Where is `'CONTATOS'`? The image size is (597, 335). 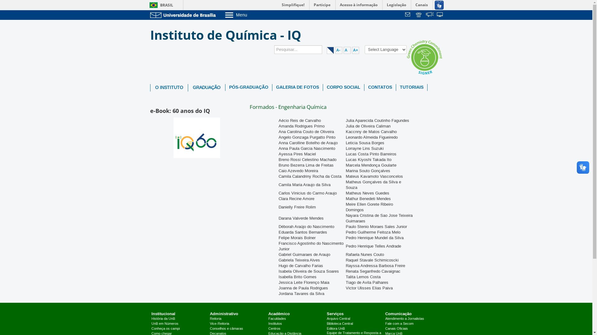 'CONTATOS' is located at coordinates (380, 87).